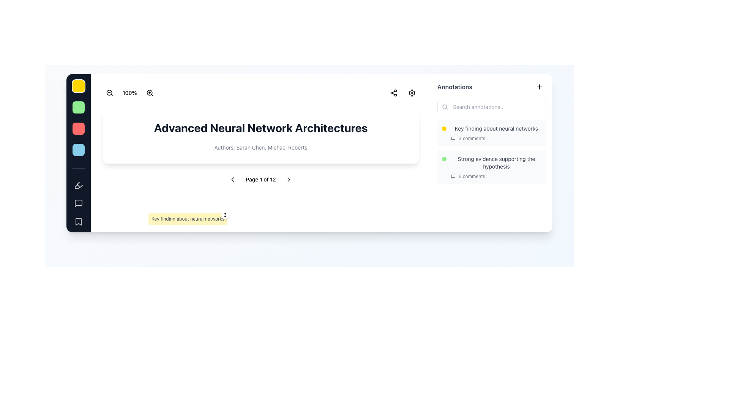 This screenshot has width=729, height=410. What do you see at coordinates (393, 93) in the screenshot?
I see `the share icon located` at bounding box center [393, 93].